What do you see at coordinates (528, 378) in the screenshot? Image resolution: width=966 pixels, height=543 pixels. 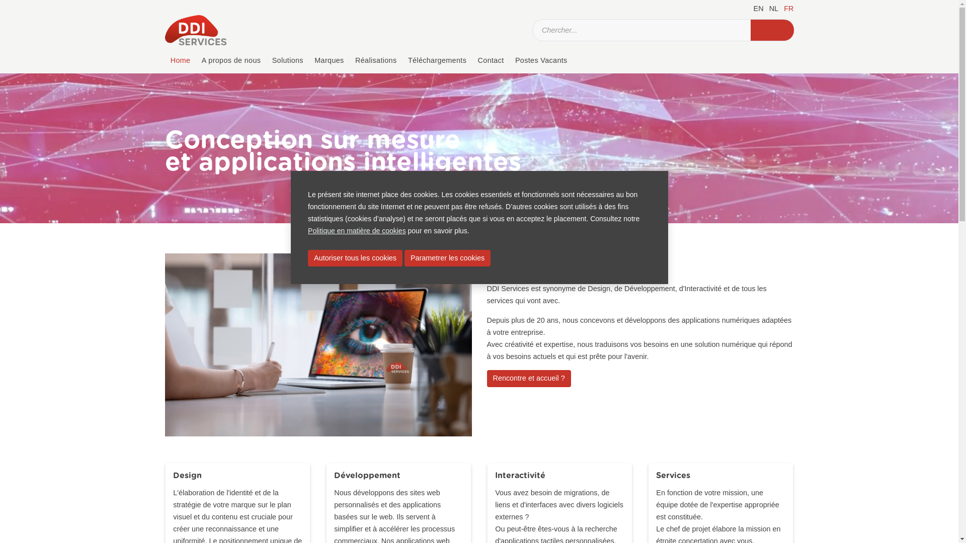 I see `'Rencontre et accueil ?'` at bounding box center [528, 378].